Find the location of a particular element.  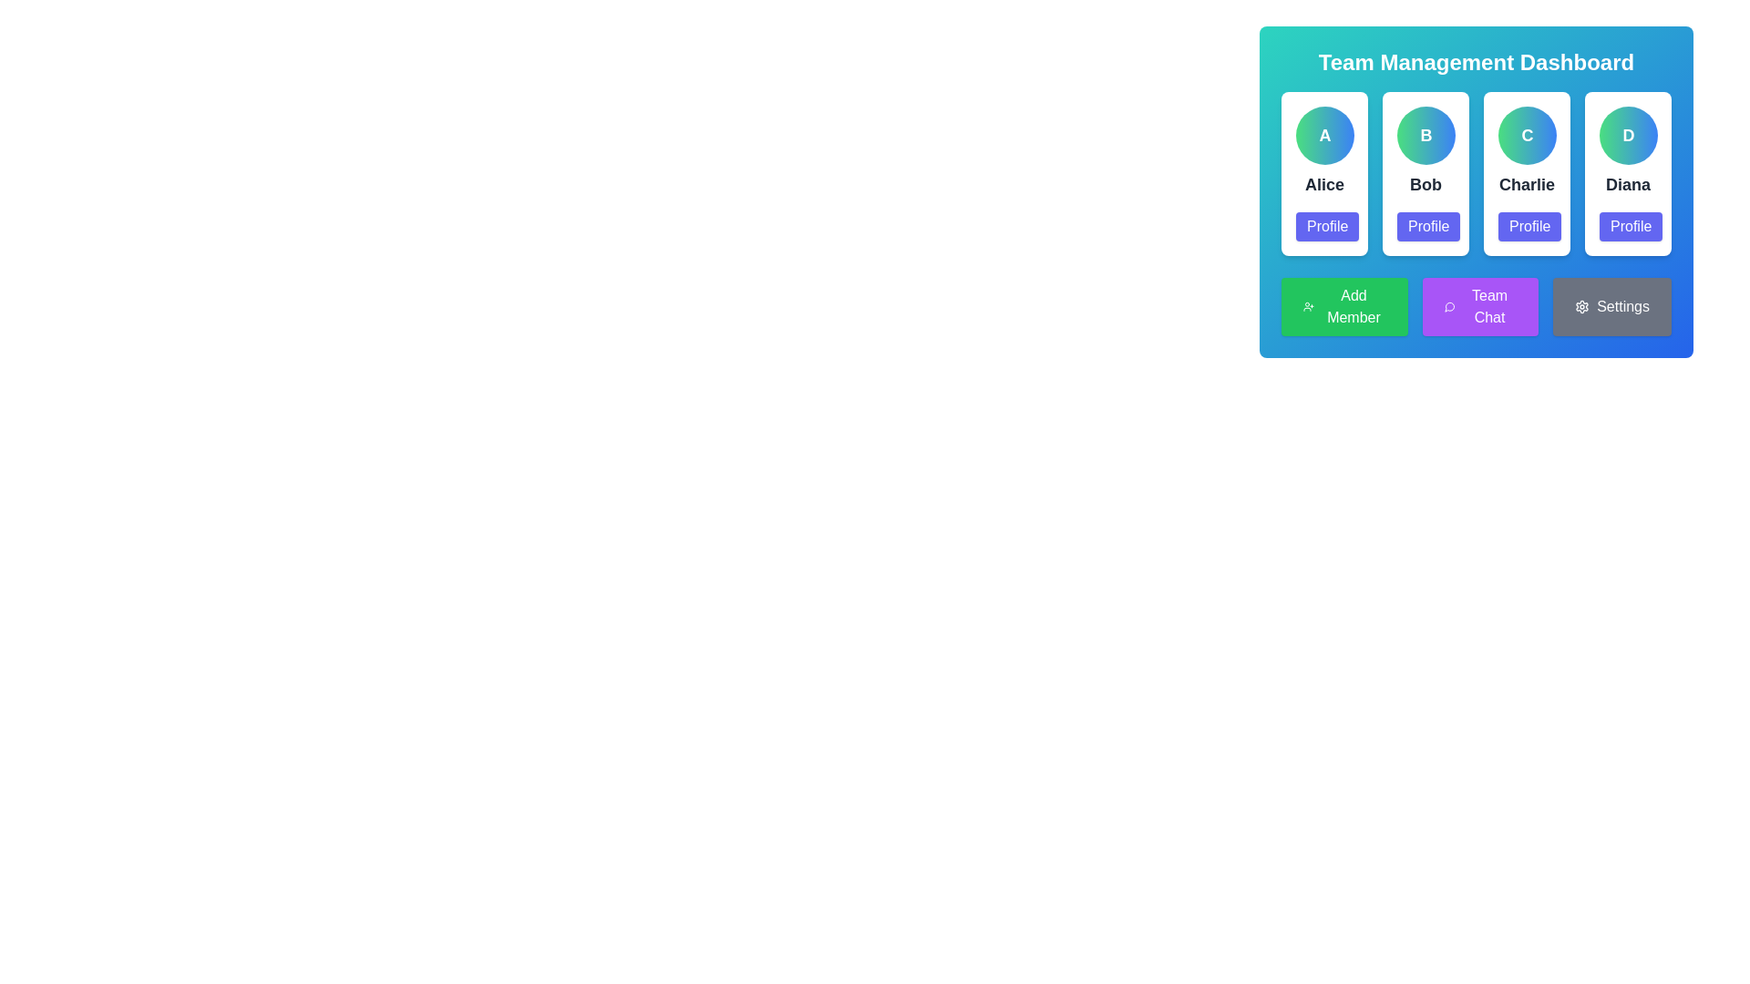

the static text label displaying the user's name, which is located in the second profile card from the left in the 'Team Management Dashboard' section, positioned centrally below the circular user icon labeled 'B' and above the 'Profile' button is located at coordinates (1425, 185).